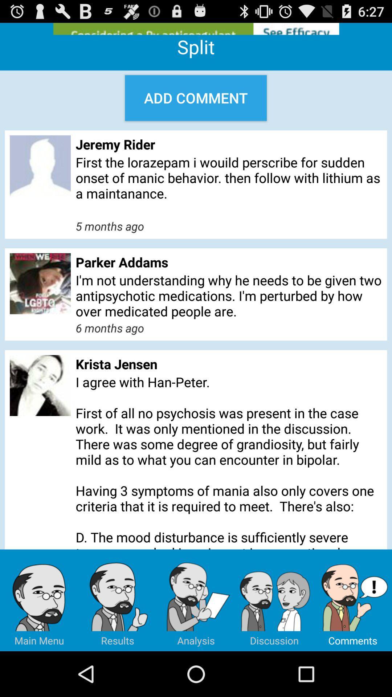  Describe the element at coordinates (195, 97) in the screenshot. I see `app above the jeremy rider` at that location.